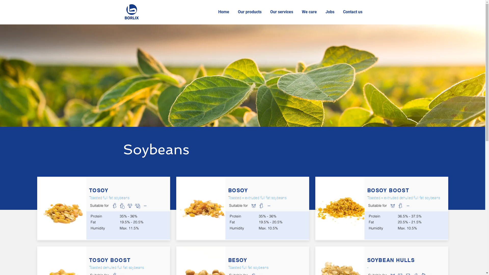 Image resolution: width=489 pixels, height=275 pixels. What do you see at coordinates (137, 205) in the screenshot?
I see `'Dairy cows'` at bounding box center [137, 205].